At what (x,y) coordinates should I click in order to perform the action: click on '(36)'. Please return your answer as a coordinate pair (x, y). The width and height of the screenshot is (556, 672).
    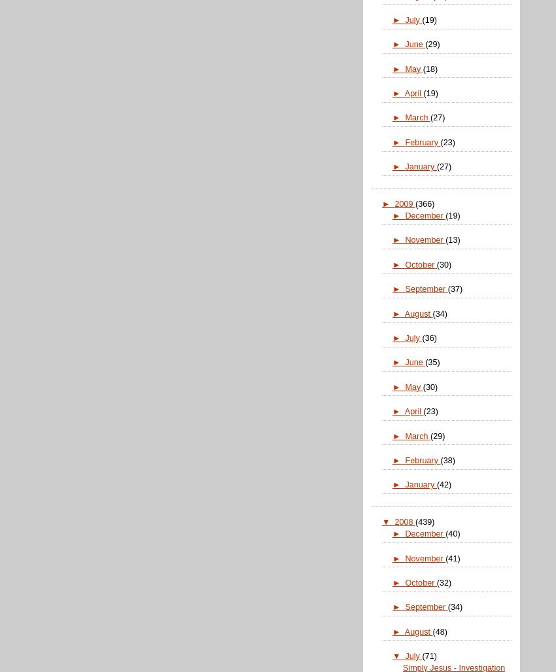
    Looking at the image, I should click on (429, 336).